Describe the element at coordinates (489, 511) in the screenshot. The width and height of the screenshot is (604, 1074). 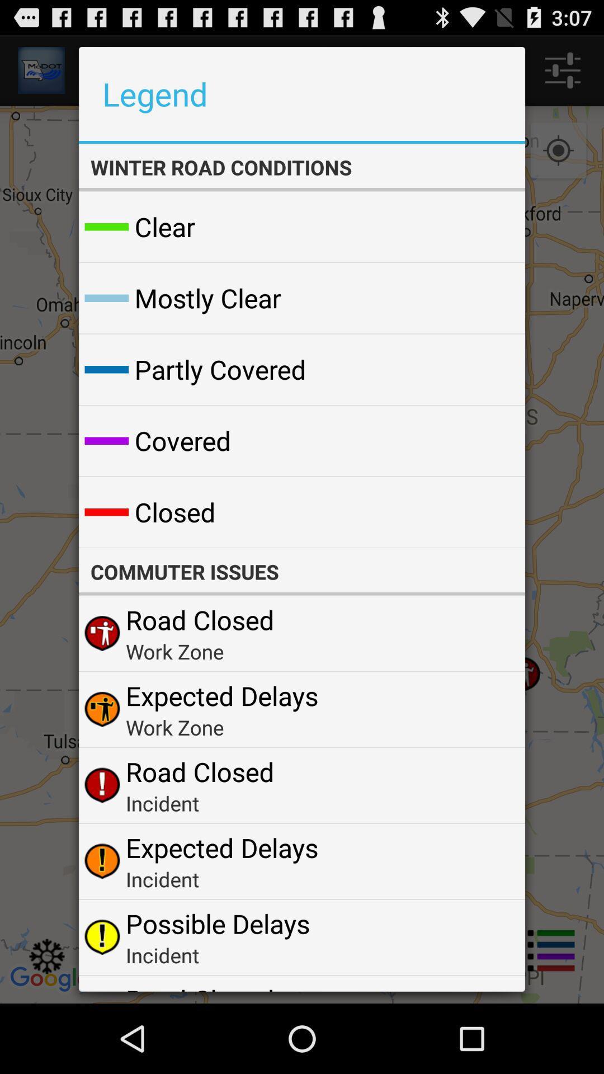
I see `icon next to closed app` at that location.